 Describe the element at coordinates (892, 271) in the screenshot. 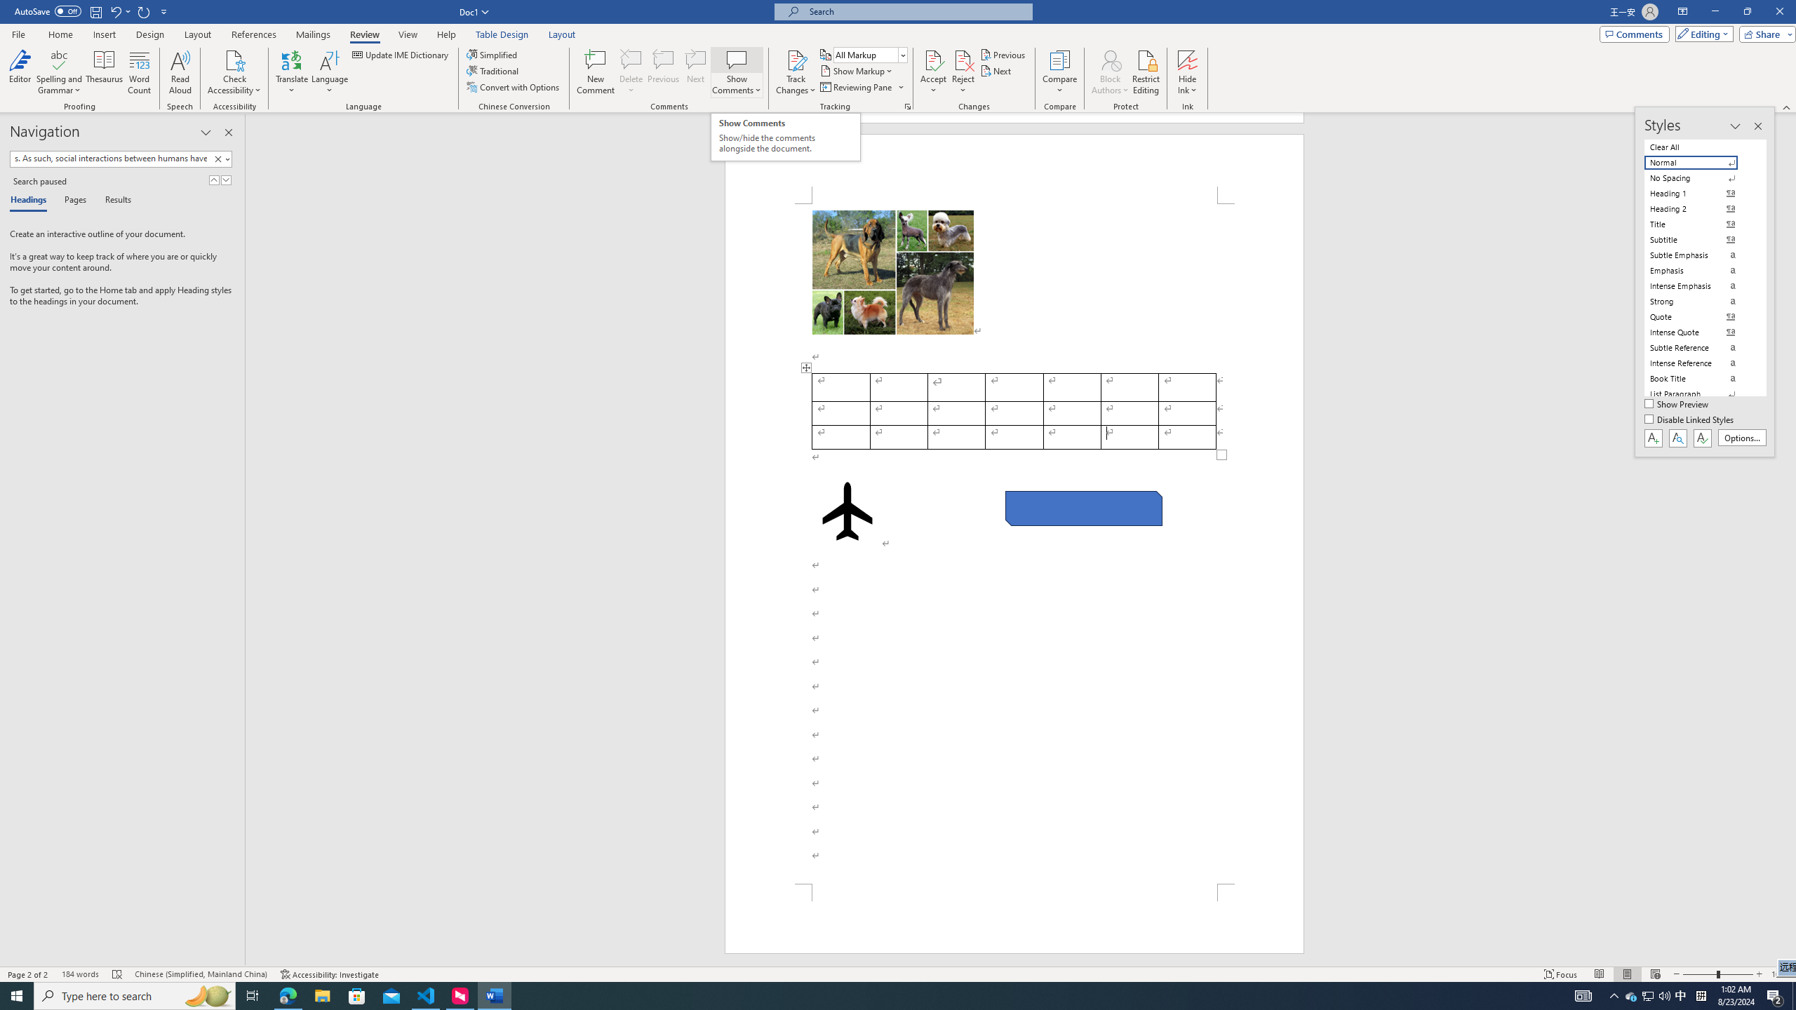

I see `'Morphological variation in six dogs'` at that location.